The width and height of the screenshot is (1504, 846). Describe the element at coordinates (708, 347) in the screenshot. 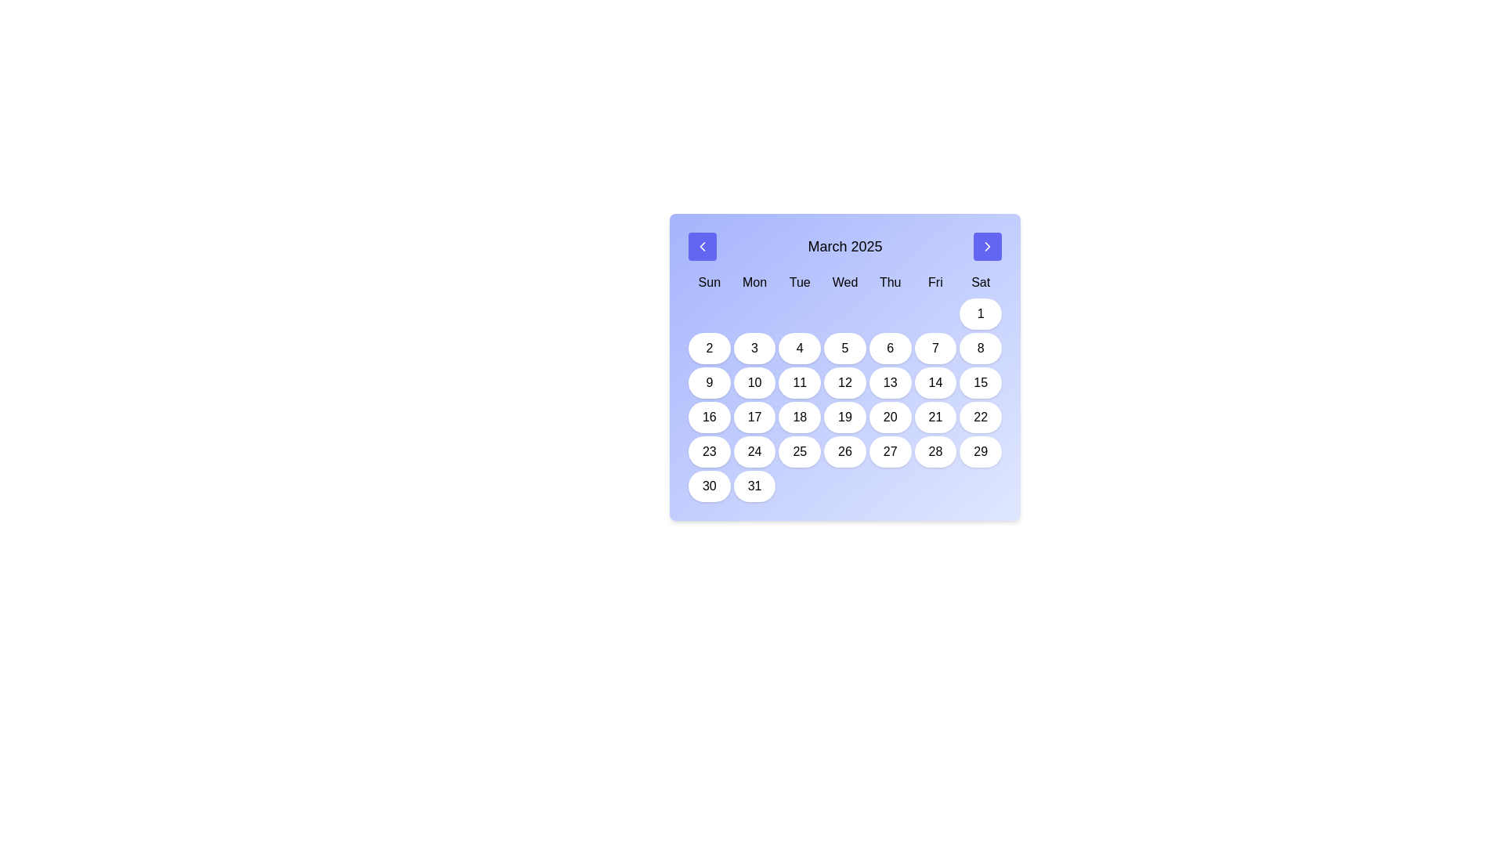

I see `the date selector button located` at that location.